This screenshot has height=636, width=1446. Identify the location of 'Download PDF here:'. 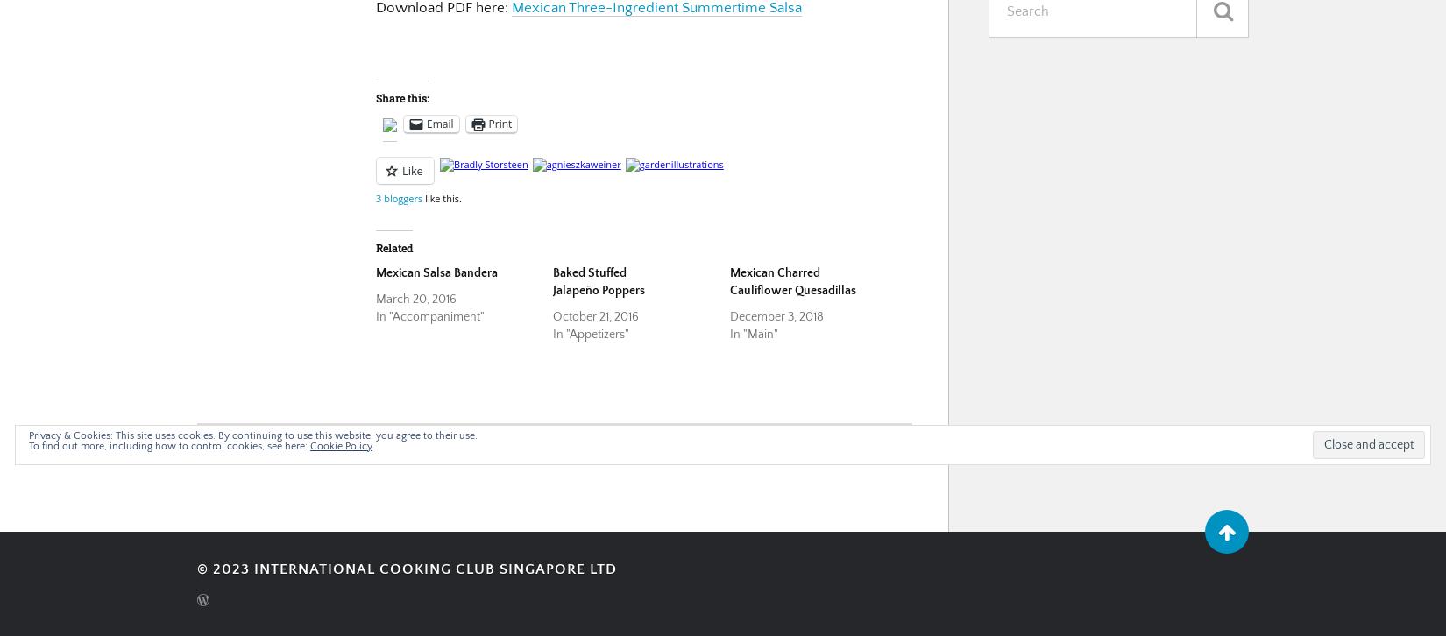
(443, 8).